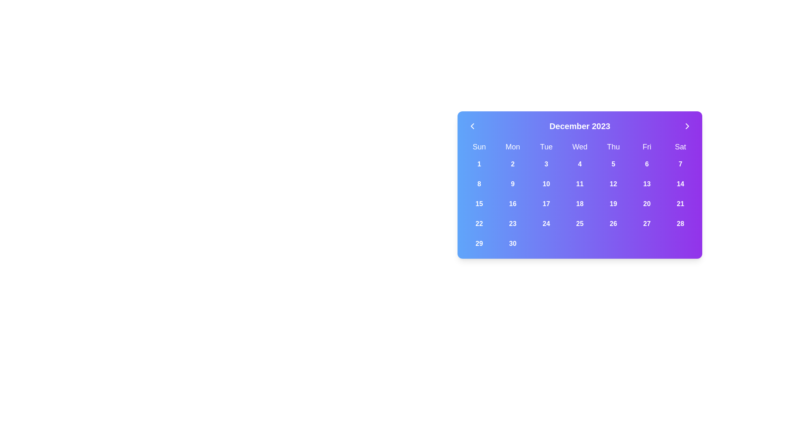 This screenshot has height=447, width=795. Describe the element at coordinates (613, 146) in the screenshot. I see `the text label displaying 'Thu', which is the fifth label in the grid layout for the days of the week in the calendar interface, located on a purple gradient background` at that location.